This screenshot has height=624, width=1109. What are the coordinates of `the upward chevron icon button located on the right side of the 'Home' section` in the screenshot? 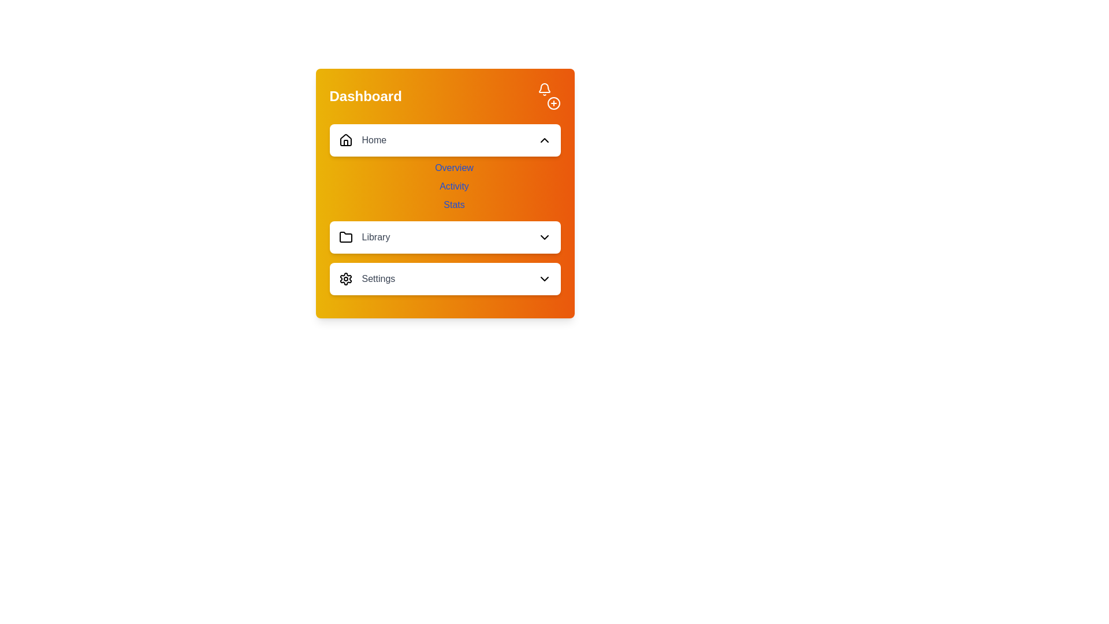 It's located at (544, 140).